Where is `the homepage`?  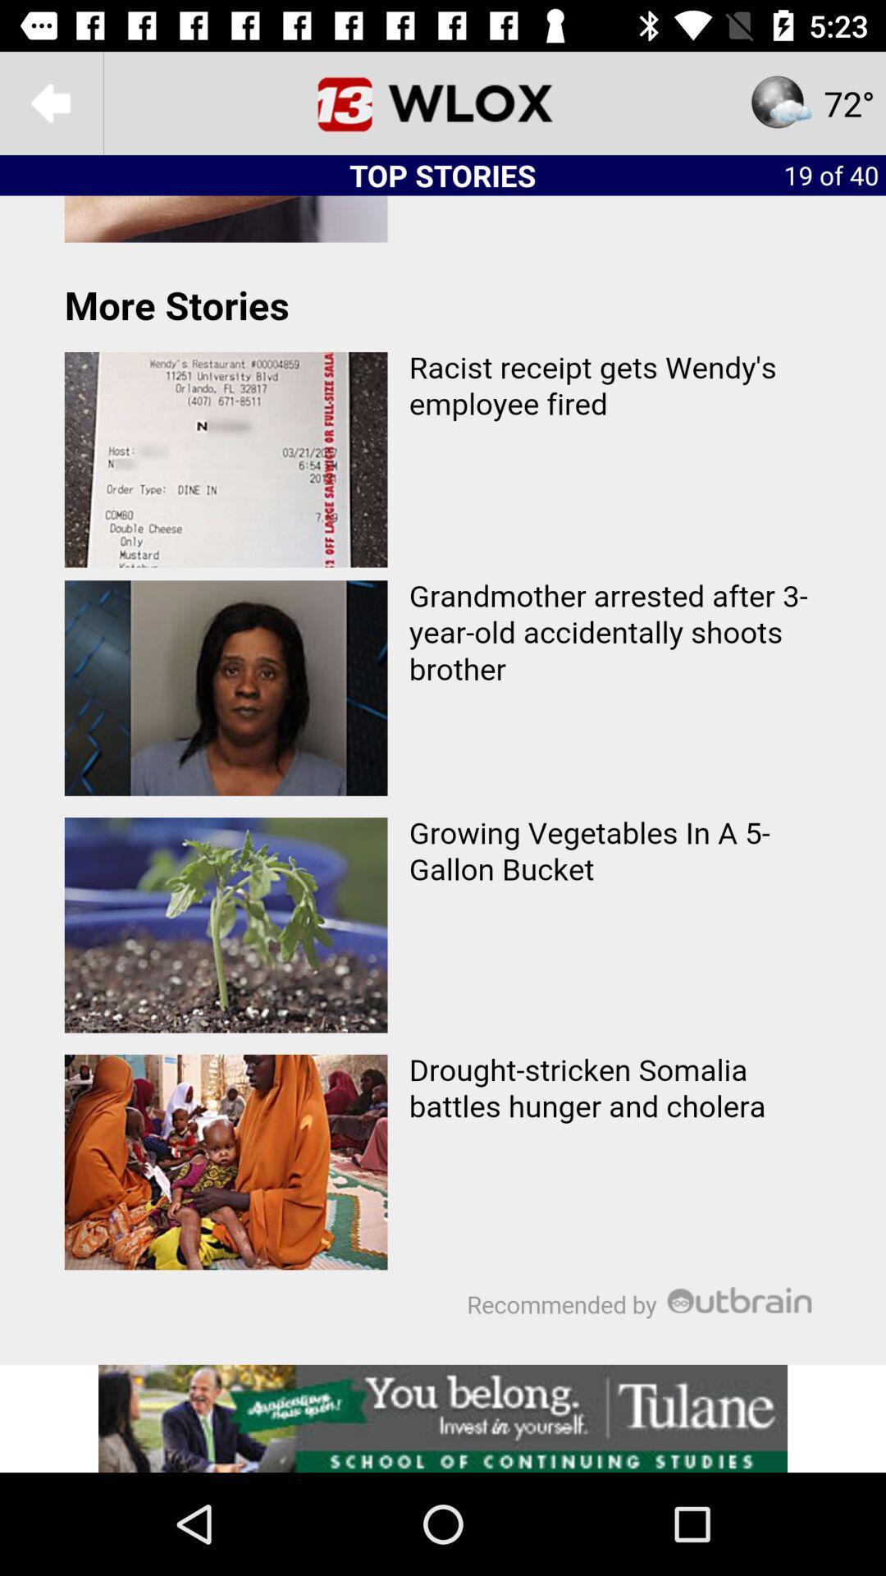
the homepage is located at coordinates (443, 102).